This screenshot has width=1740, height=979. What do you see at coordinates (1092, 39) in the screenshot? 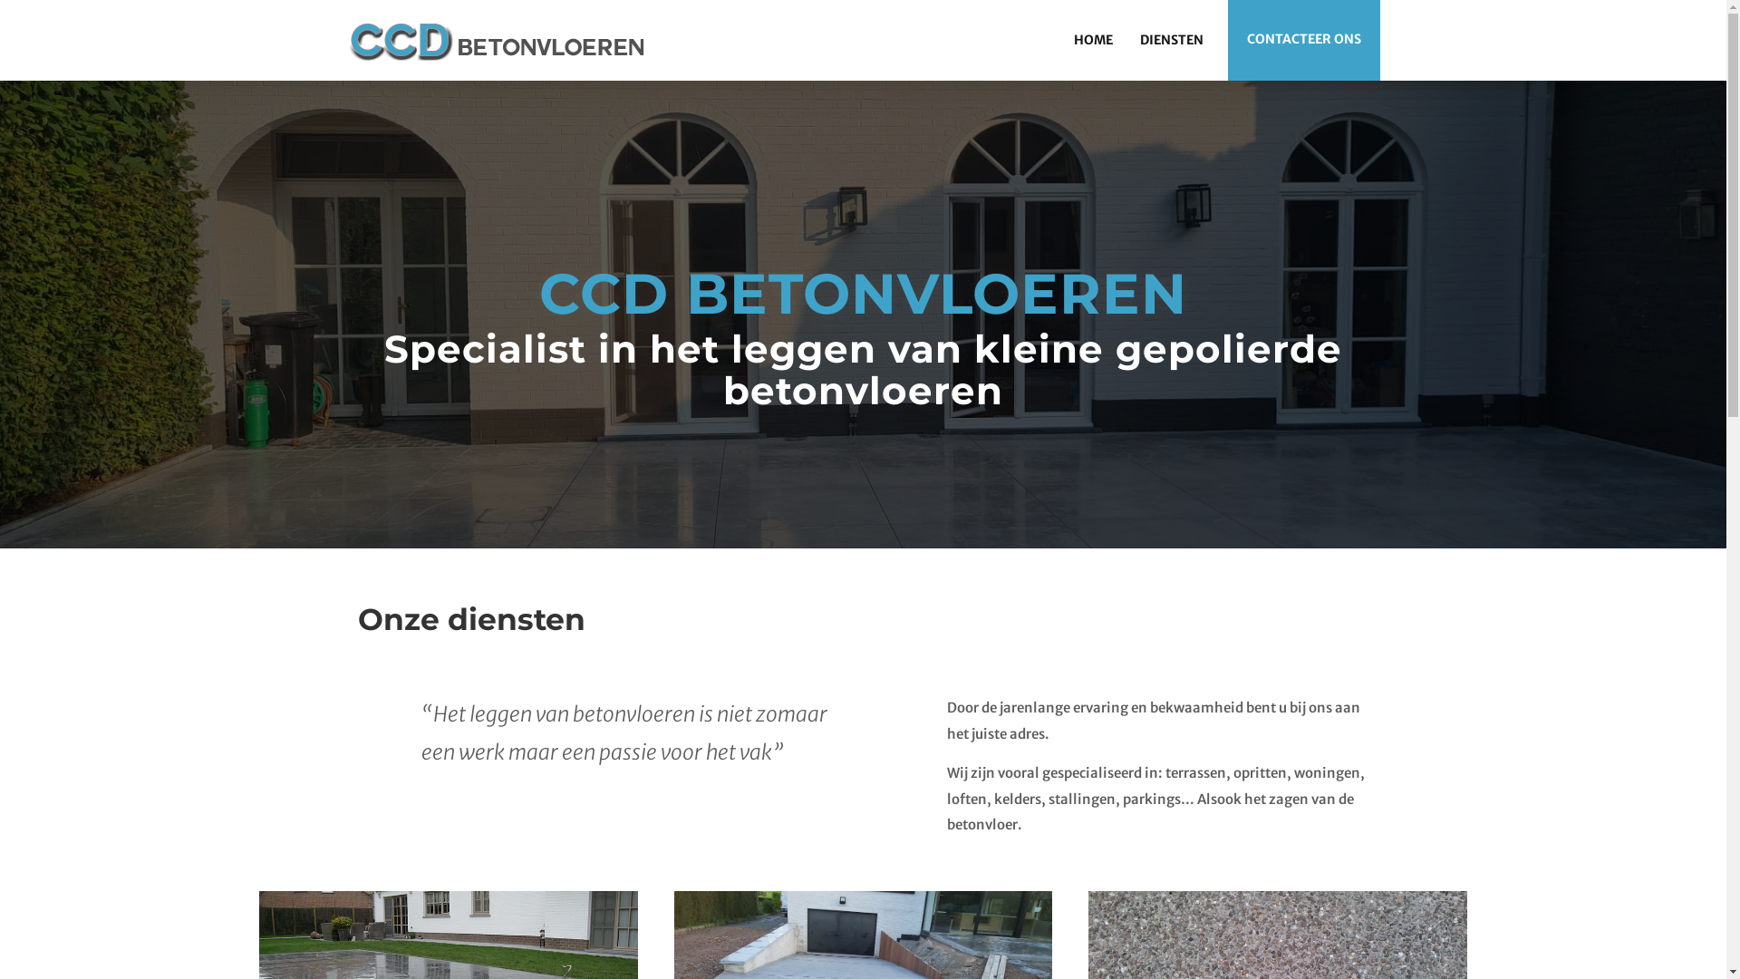
I see `'HOME'` at bounding box center [1092, 39].